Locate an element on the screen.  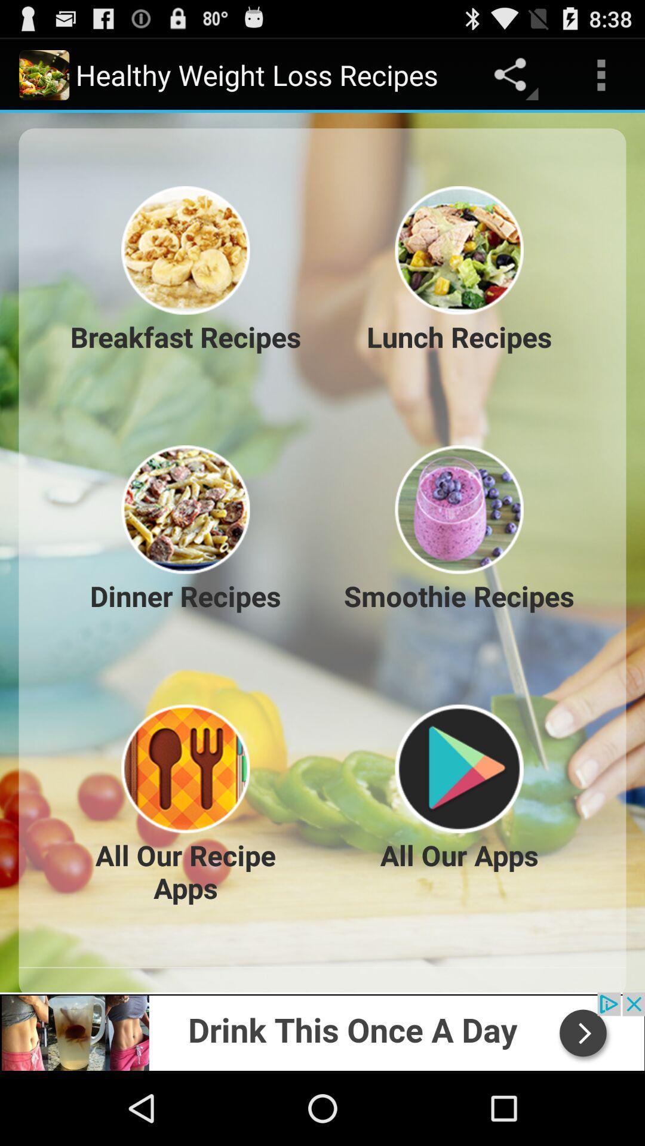
advertiser site is located at coordinates (322, 1031).